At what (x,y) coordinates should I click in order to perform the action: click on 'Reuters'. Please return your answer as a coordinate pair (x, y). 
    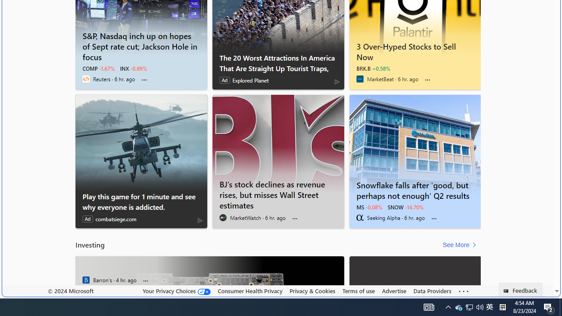
    Looking at the image, I should click on (86, 79).